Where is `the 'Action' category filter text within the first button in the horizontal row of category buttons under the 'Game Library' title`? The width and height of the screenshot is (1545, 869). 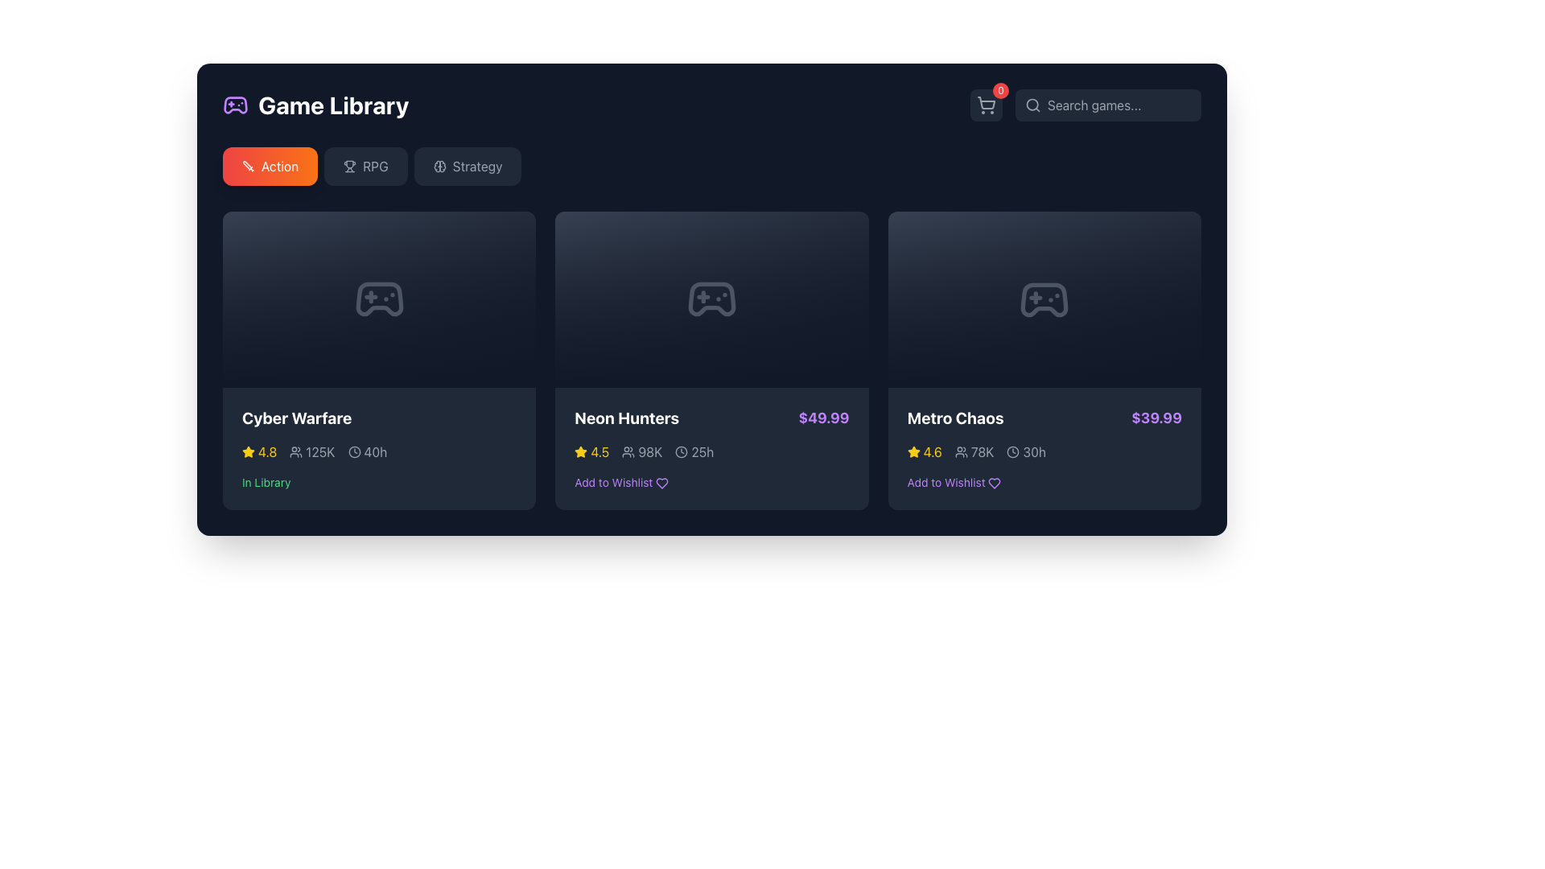 the 'Action' category filter text within the first button in the horizontal row of category buttons under the 'Game Library' title is located at coordinates (280, 167).